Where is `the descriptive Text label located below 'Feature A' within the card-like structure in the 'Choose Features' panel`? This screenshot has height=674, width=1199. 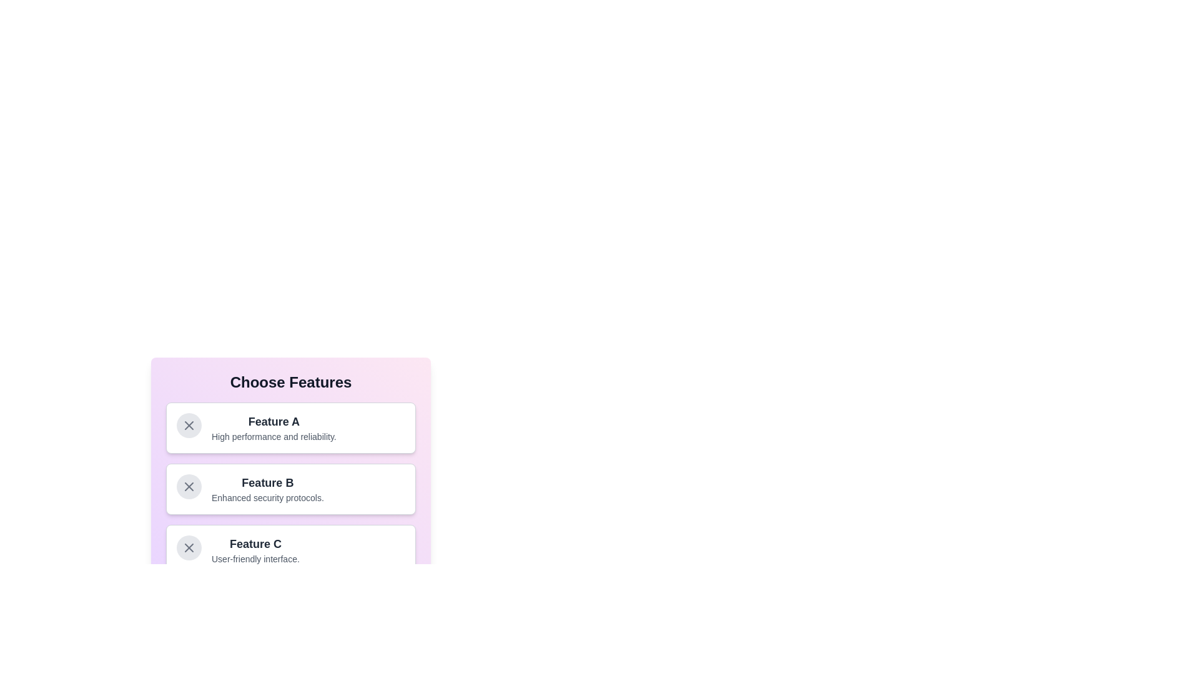 the descriptive Text label located below 'Feature A' within the card-like structure in the 'Choose Features' panel is located at coordinates (273, 436).